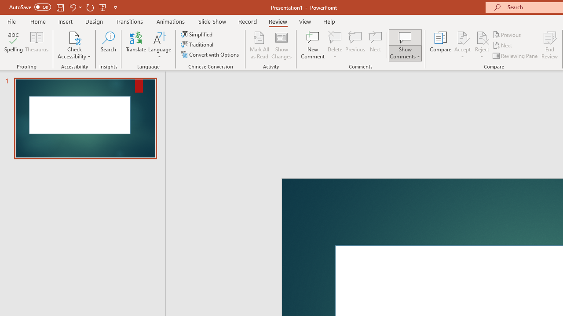 The width and height of the screenshot is (563, 316). Describe the element at coordinates (281, 45) in the screenshot. I see `'Show Changes'` at that location.